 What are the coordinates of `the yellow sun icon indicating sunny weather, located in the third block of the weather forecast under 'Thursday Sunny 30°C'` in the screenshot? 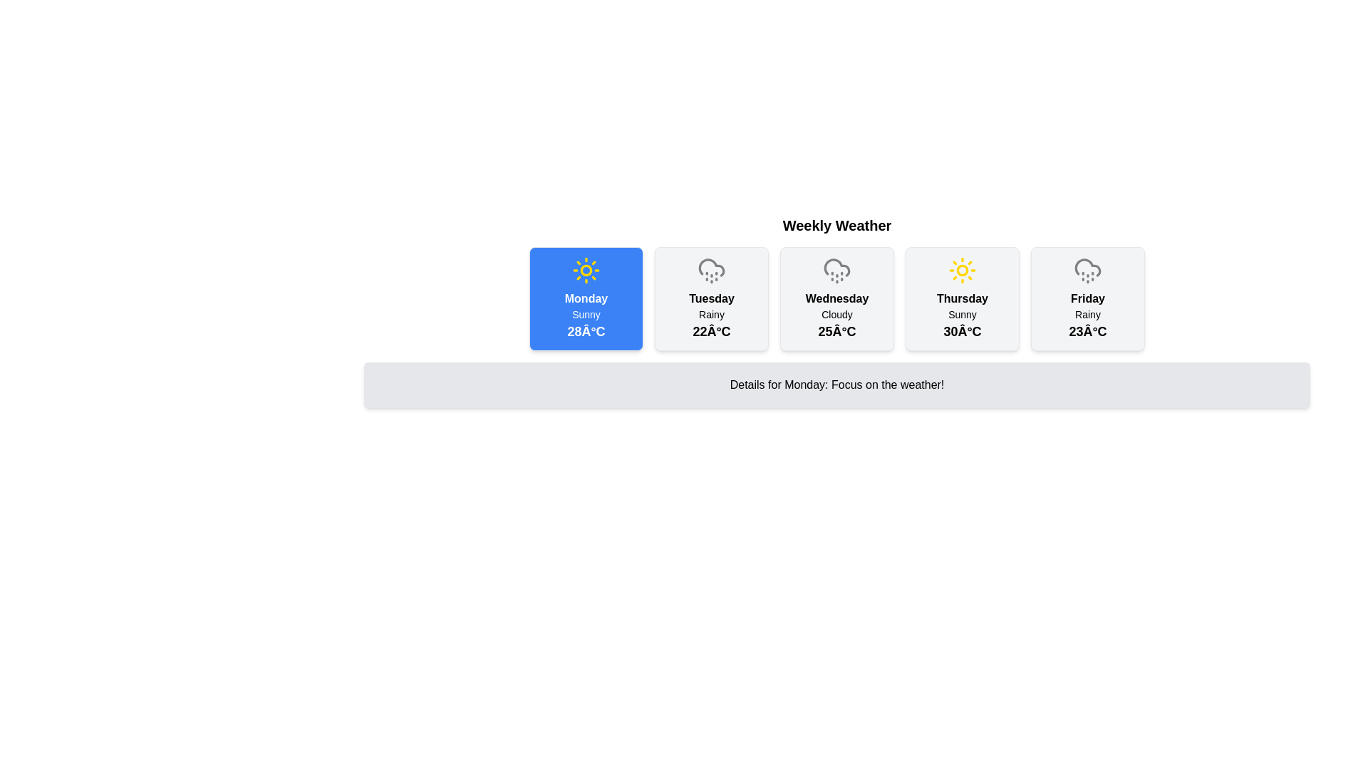 It's located at (962, 271).